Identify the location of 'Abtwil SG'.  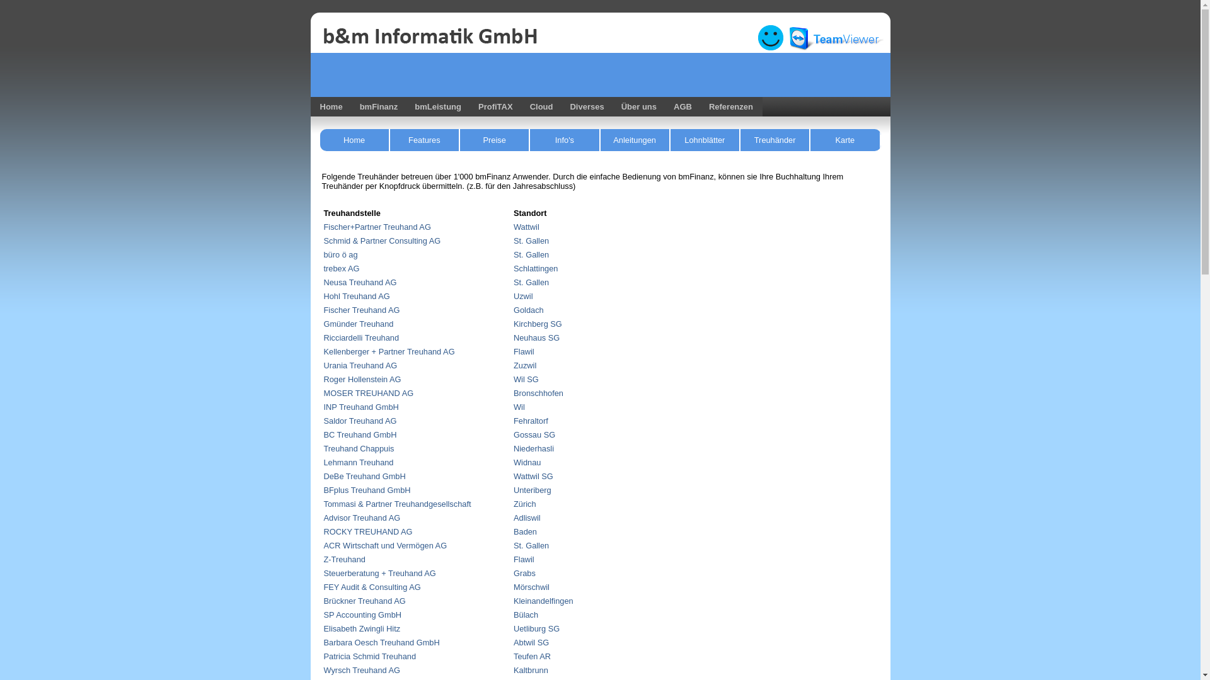
(531, 642).